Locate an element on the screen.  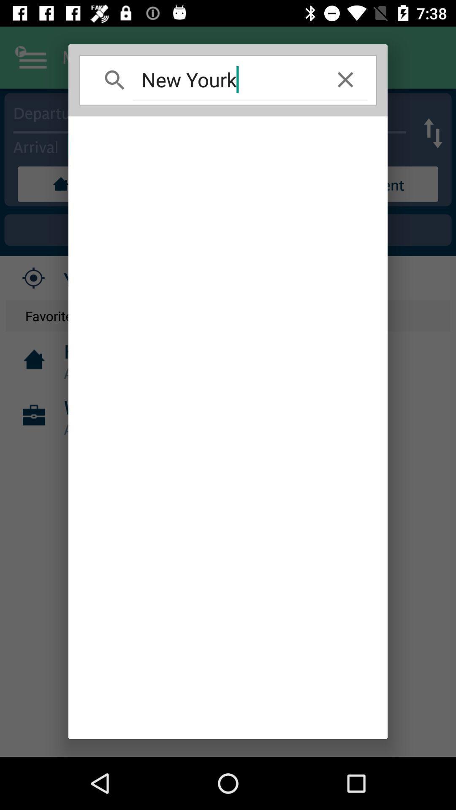
item at the top right corner is located at coordinates (345, 79).